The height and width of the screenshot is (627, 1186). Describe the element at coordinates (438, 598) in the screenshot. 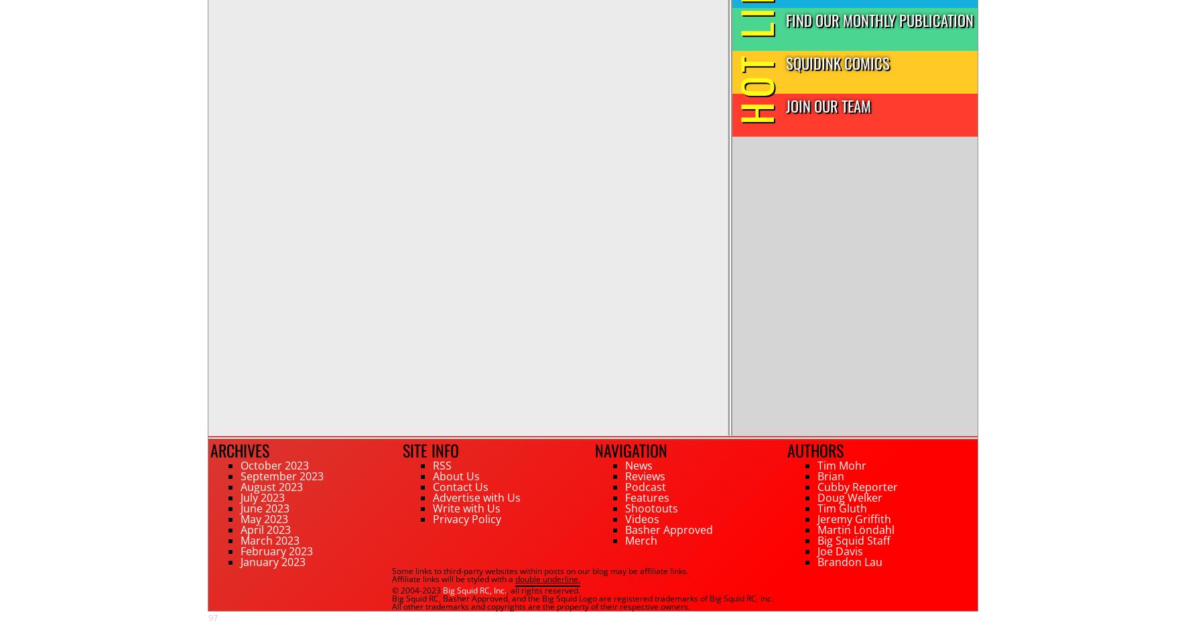

I see `','` at that location.